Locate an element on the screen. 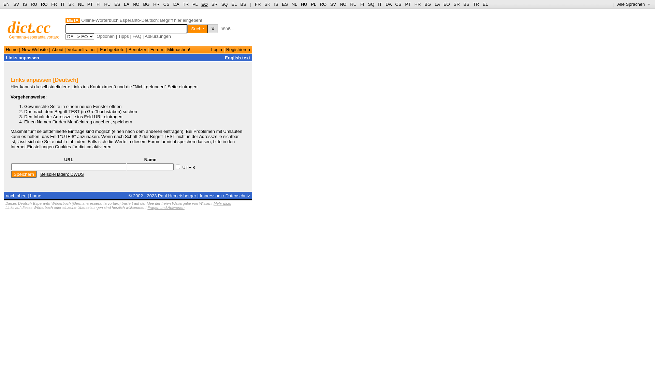 The width and height of the screenshot is (655, 368). 'EL' is located at coordinates (234, 4).